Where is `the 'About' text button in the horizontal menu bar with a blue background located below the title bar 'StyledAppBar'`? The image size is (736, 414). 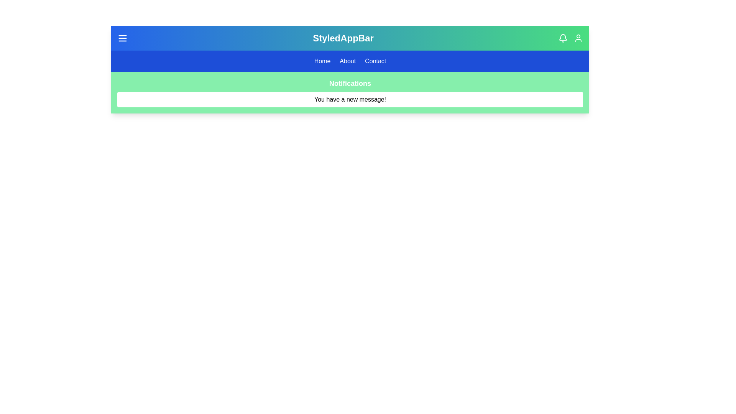
the 'About' text button in the horizontal menu bar with a blue background located below the title bar 'StyledAppBar' is located at coordinates (350, 61).